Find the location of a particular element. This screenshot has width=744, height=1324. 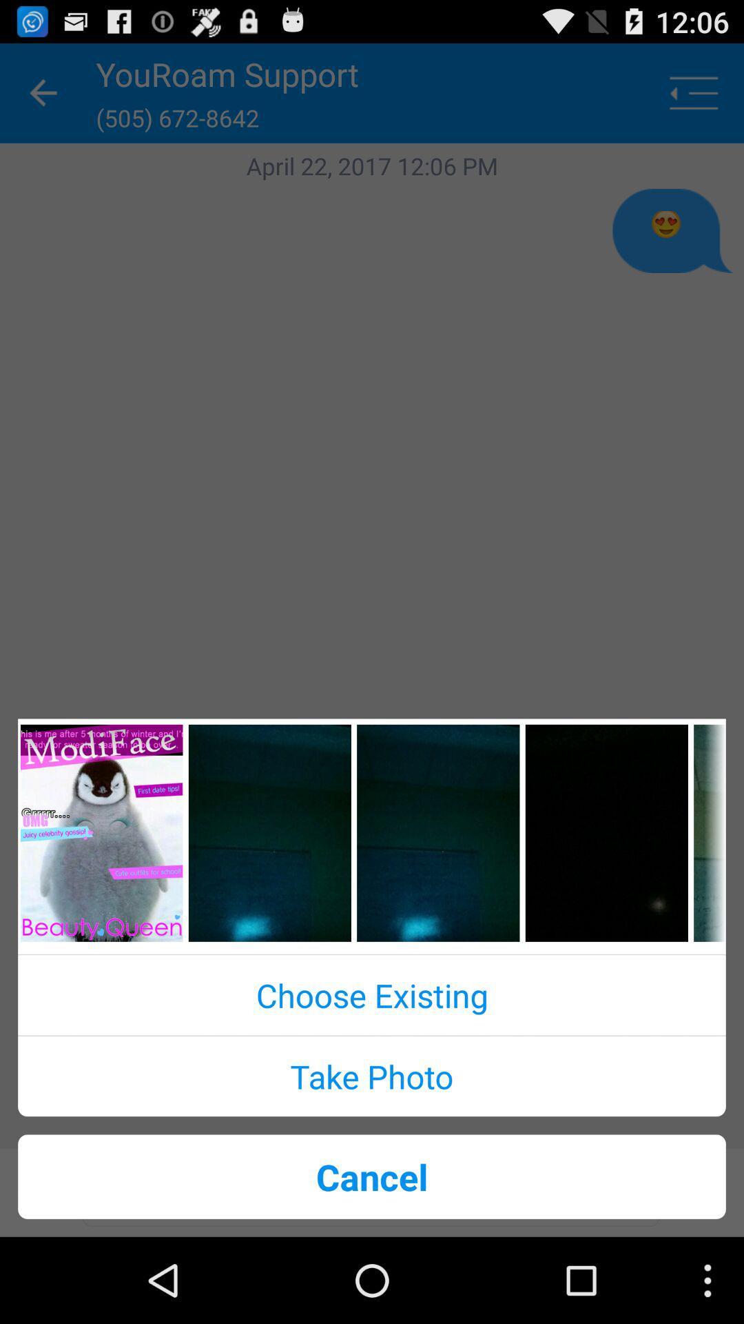

open photo is located at coordinates (438, 832).